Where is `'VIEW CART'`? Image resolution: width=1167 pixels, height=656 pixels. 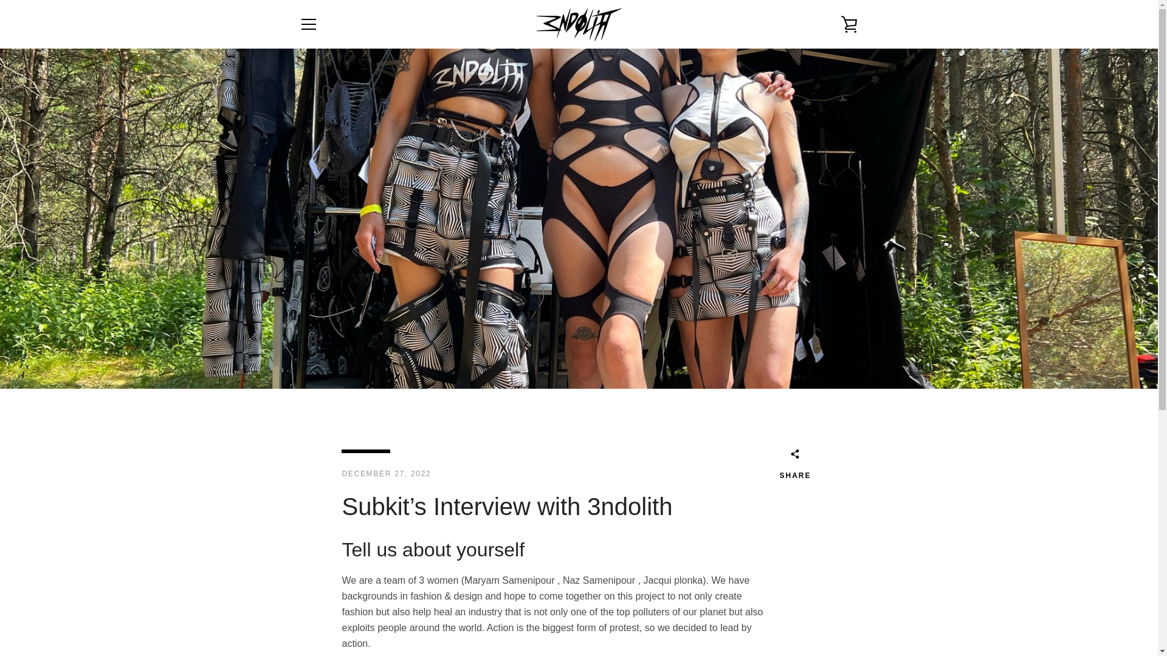 'VIEW CART' is located at coordinates (848, 24).